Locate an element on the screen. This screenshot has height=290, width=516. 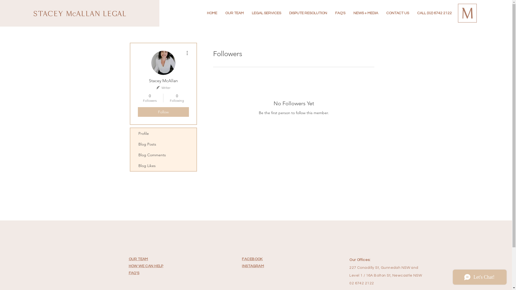
'0 is located at coordinates (149, 98).